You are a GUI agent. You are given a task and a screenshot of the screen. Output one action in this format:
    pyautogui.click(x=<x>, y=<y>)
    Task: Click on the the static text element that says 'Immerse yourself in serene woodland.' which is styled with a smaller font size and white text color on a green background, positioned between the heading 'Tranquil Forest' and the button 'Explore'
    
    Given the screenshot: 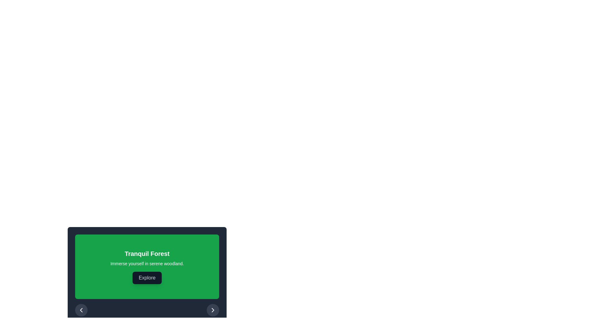 What is the action you would take?
    pyautogui.click(x=147, y=263)
    